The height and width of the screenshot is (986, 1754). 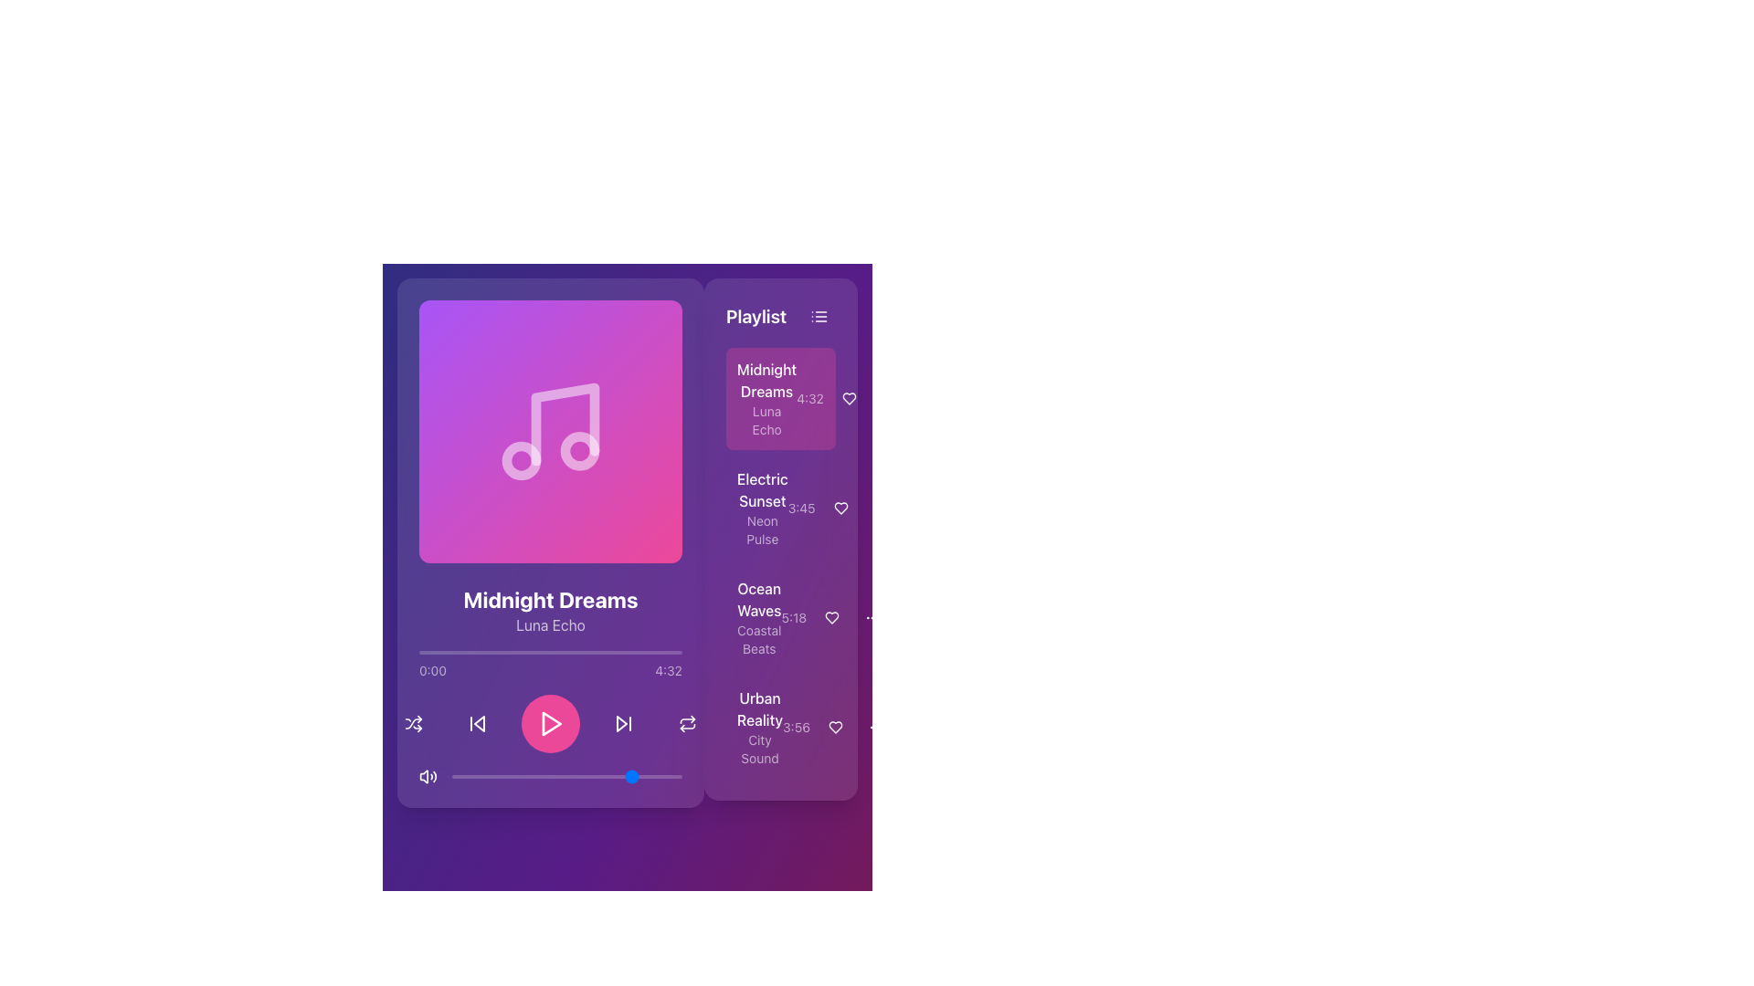 What do you see at coordinates (550, 723) in the screenshot?
I see `the circular pink button with a play icon located centrally in the player control section to observe the hover effect` at bounding box center [550, 723].